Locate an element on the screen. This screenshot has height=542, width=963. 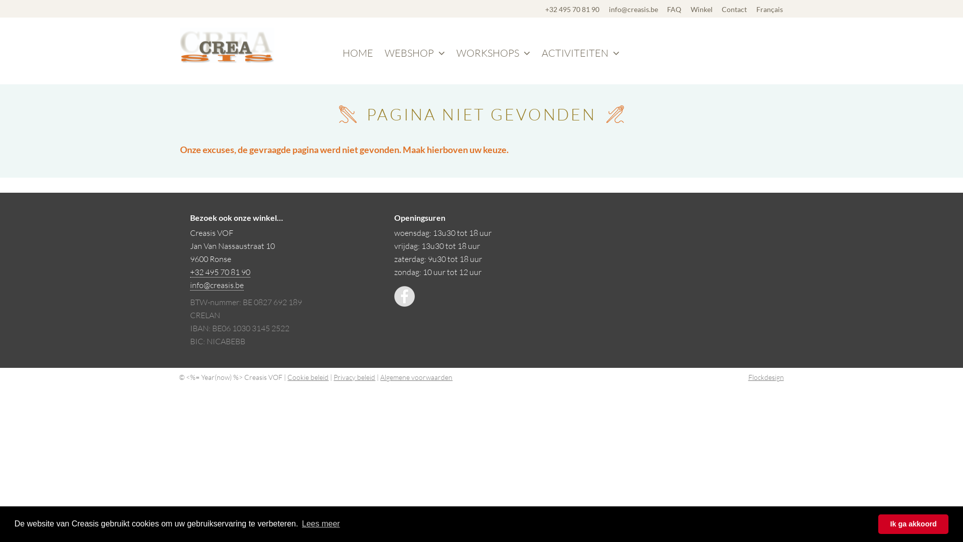
'info@creasis.be' is located at coordinates (216, 285).